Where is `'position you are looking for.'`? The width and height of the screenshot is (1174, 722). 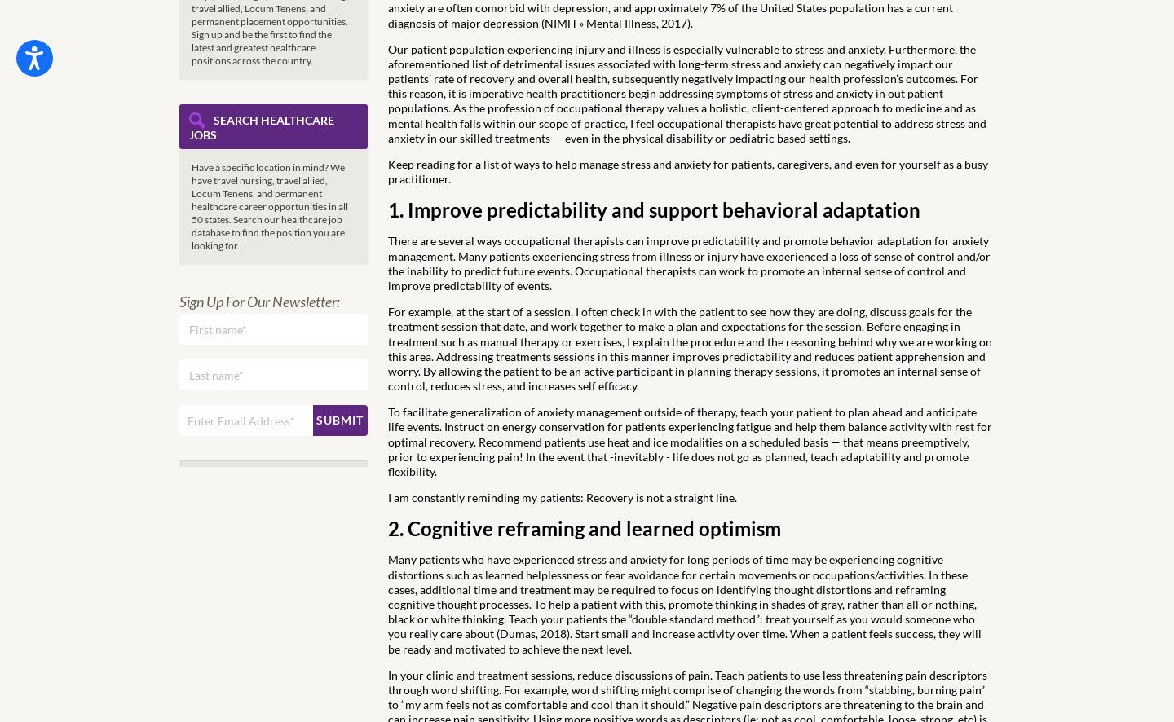 'position you are looking for.' is located at coordinates (192, 239).